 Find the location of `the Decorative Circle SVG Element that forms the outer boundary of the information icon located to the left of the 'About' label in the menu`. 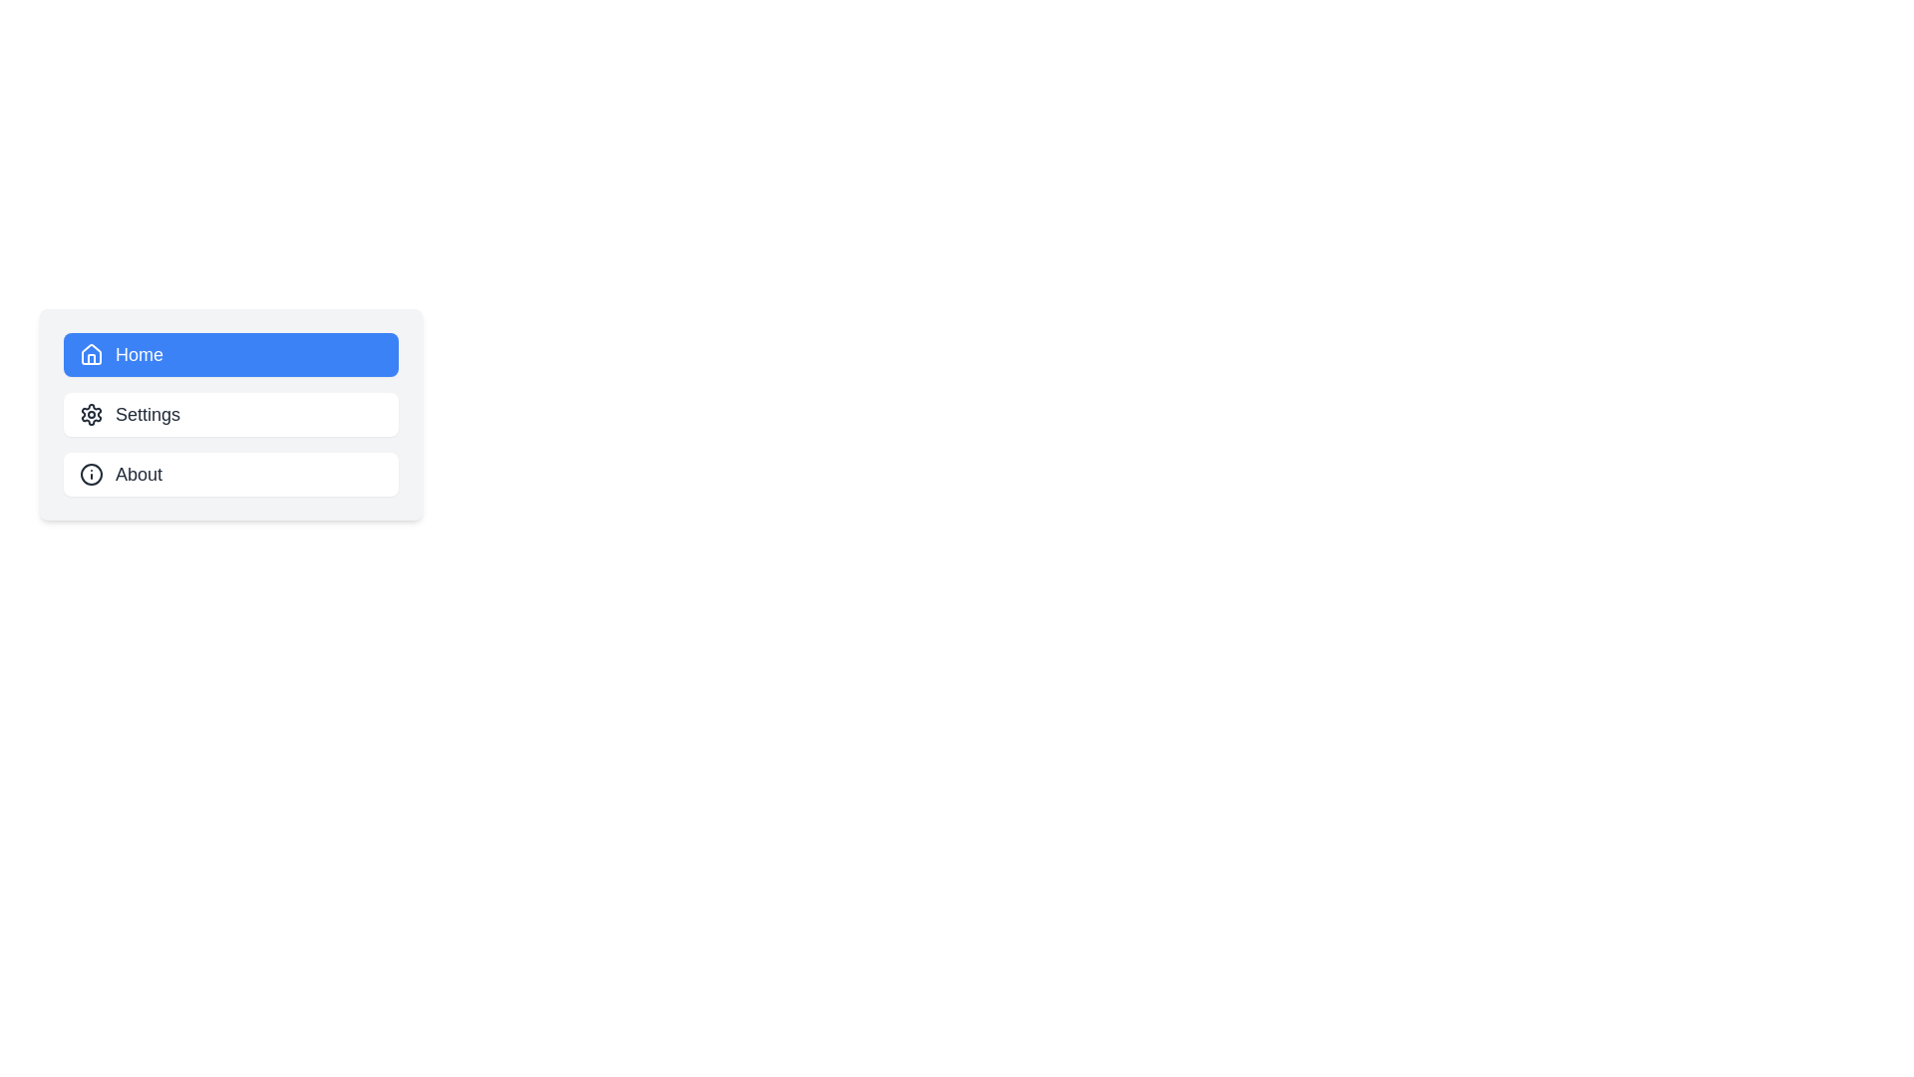

the Decorative Circle SVG Element that forms the outer boundary of the information icon located to the left of the 'About' label in the menu is located at coordinates (90, 474).